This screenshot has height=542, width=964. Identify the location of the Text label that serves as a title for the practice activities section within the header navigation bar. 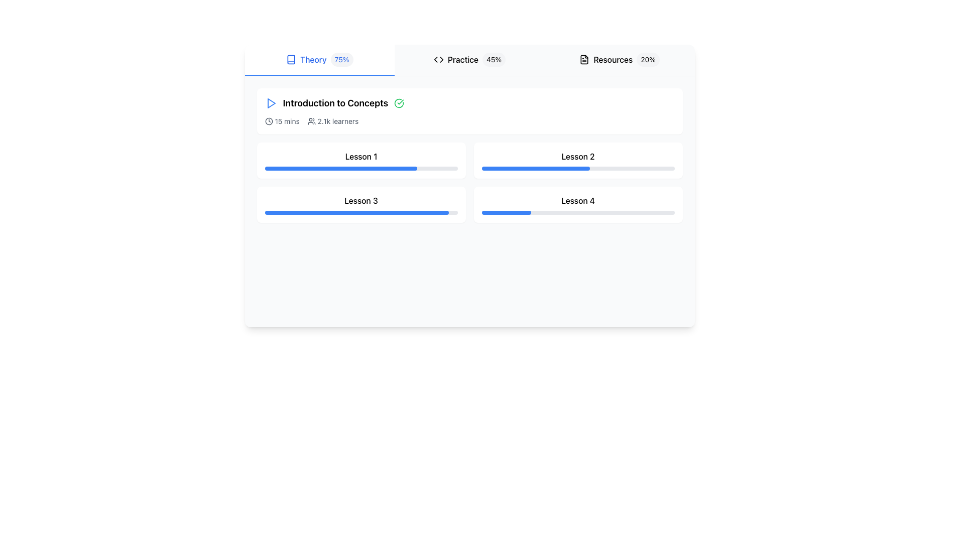
(462, 60).